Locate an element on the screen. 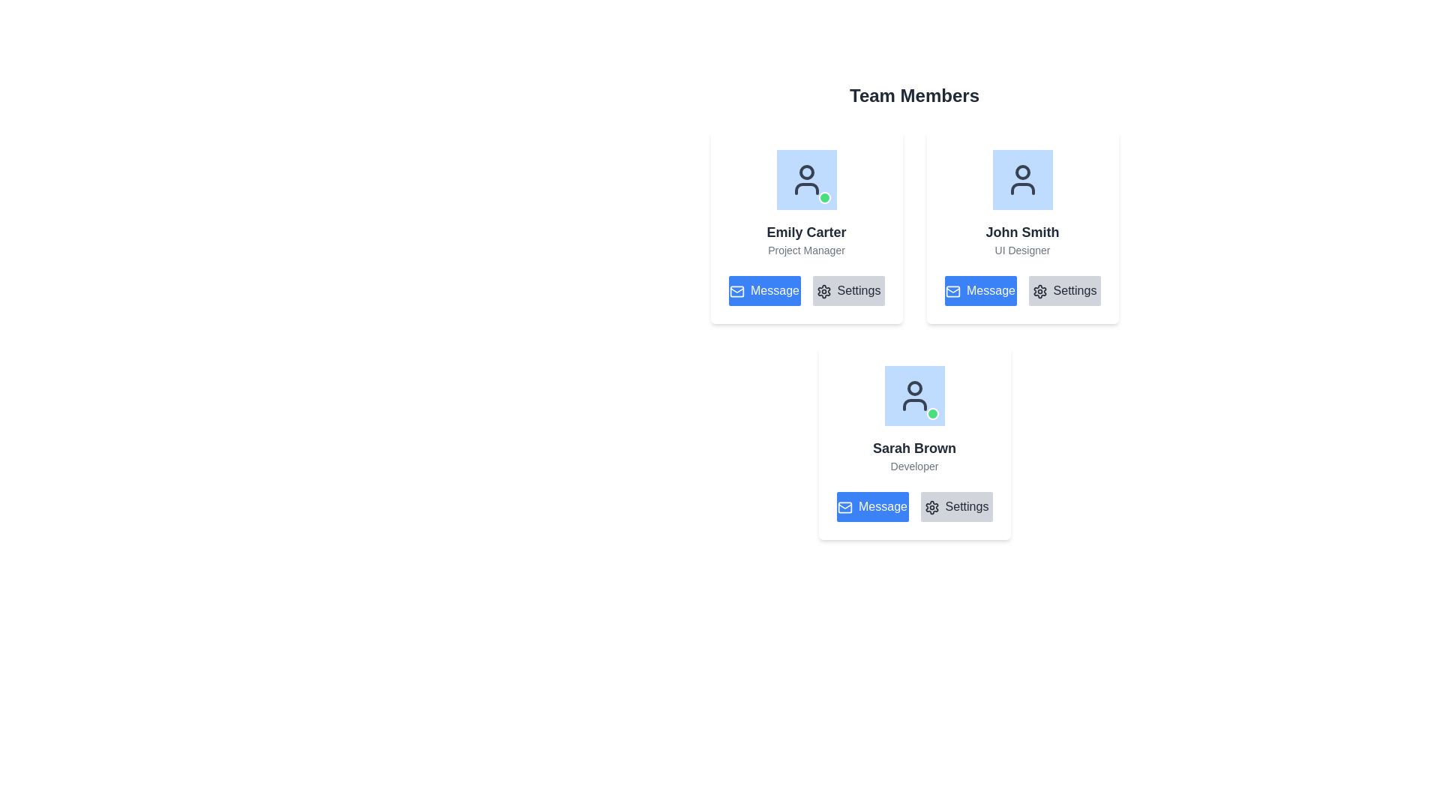 The height and width of the screenshot is (810, 1440). the SVG circle that represents the head of the user icon in the 'Emily Carter' user card profile is located at coordinates (805, 172).